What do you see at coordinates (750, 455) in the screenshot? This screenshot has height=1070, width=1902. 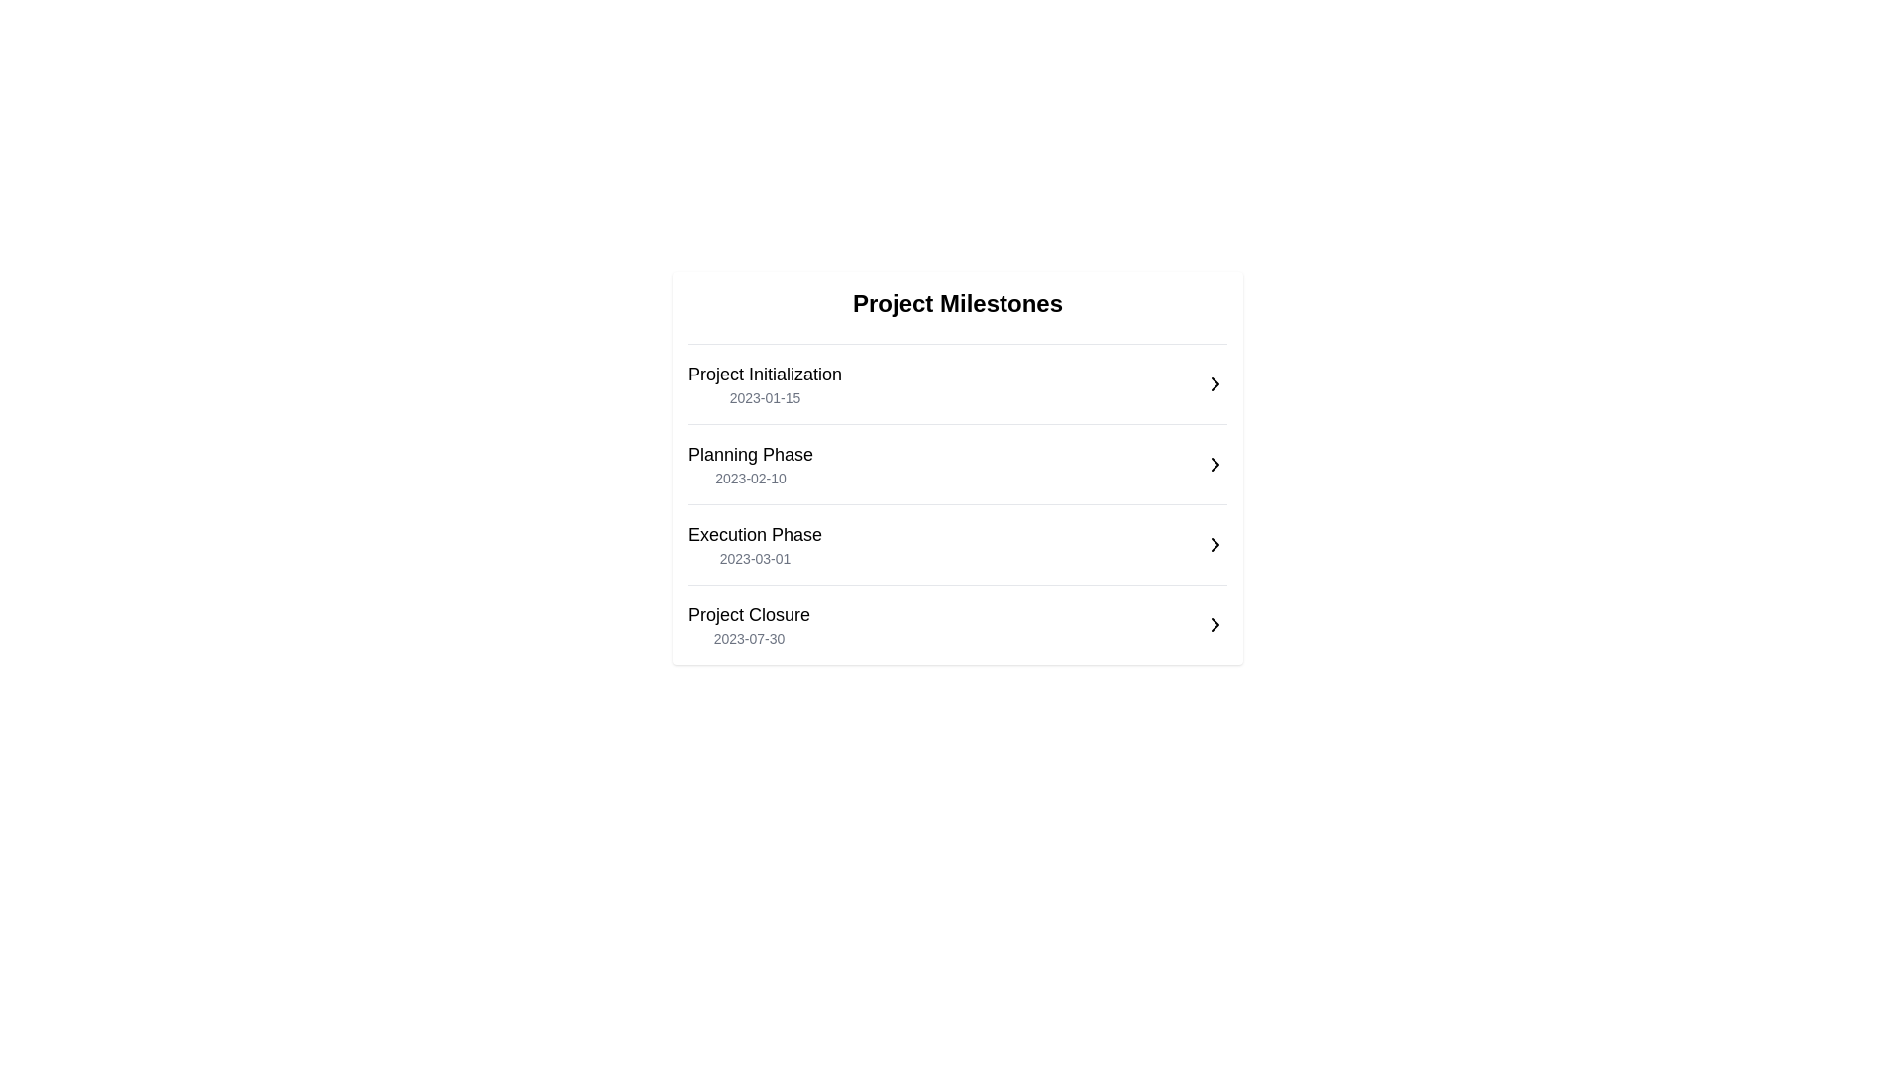 I see `the static text label displaying 'Planning Phase', which is styled in larger bold font and is positioned in the center column of the project dashboard, located between 'Project Initialization' and 'Execution Phase'` at bounding box center [750, 455].